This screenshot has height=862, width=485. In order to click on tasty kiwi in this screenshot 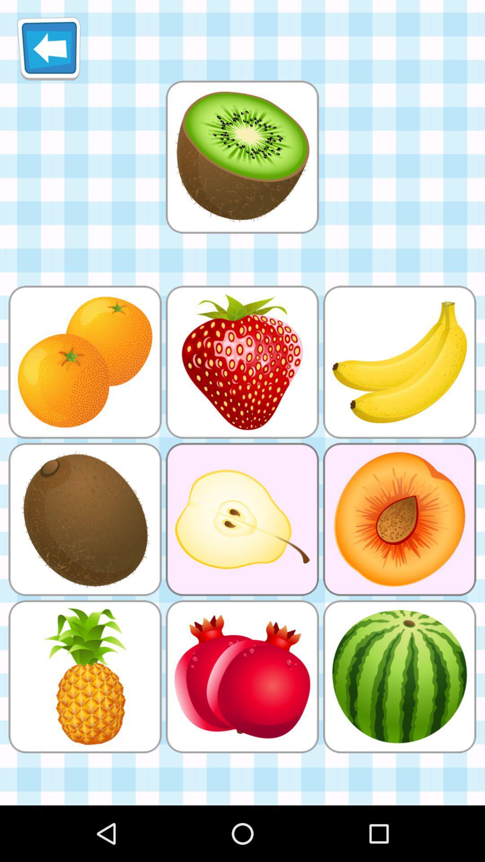, I will do `click(242, 157)`.